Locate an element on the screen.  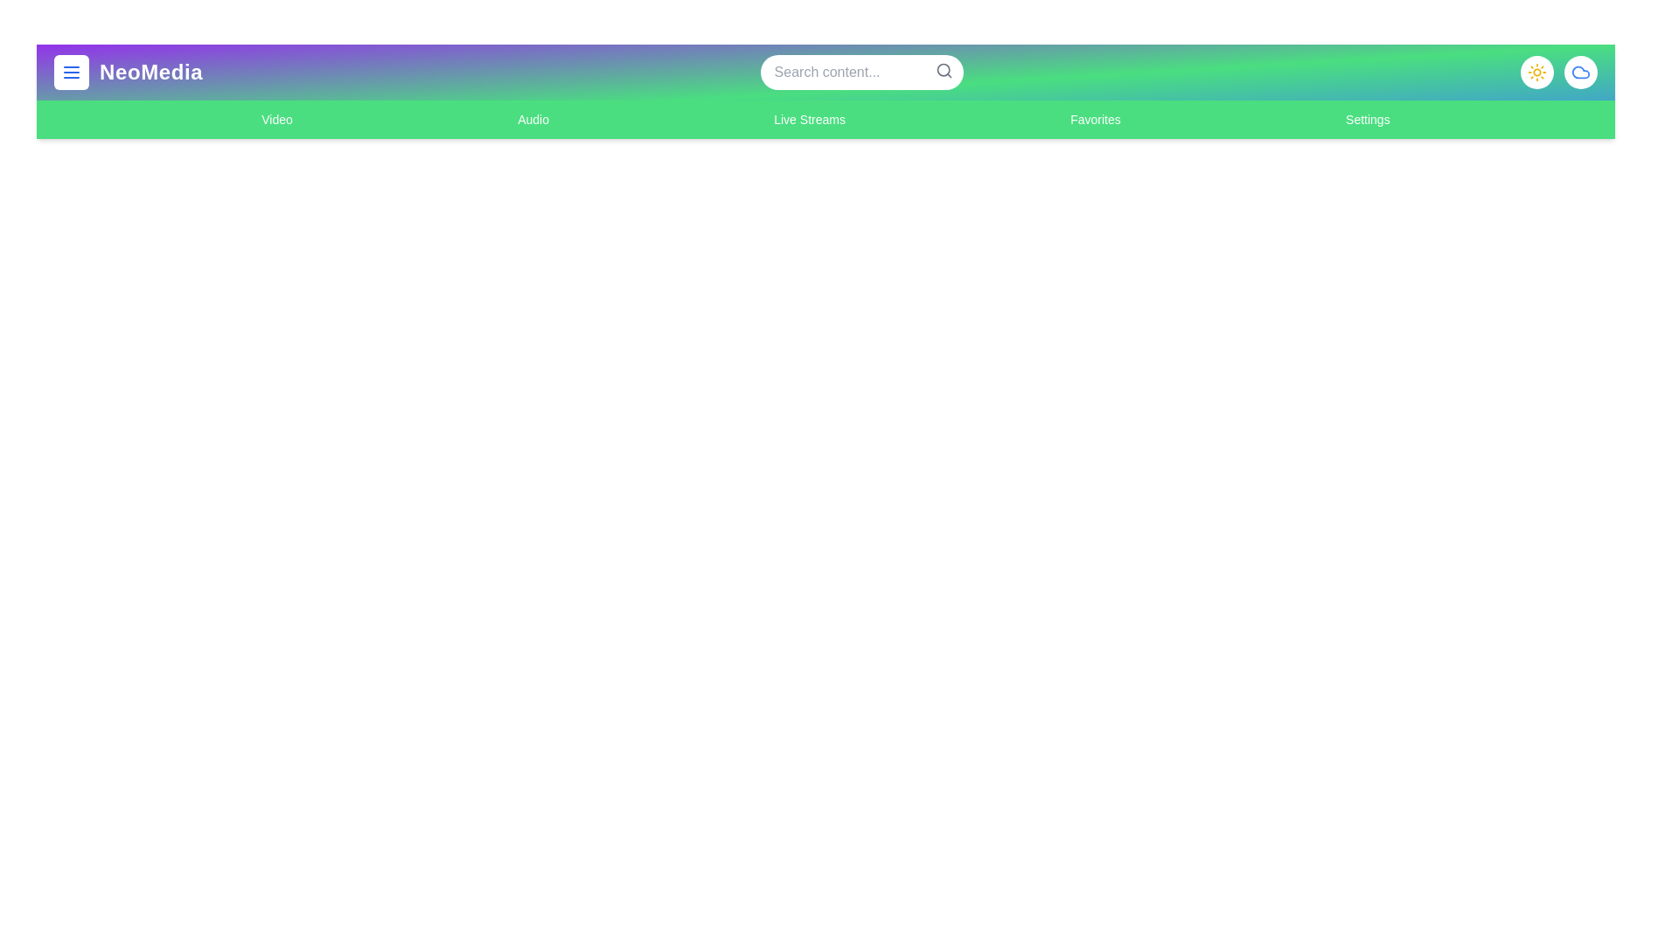
the navigation link for Audio to switch to that section is located at coordinates (532, 119).